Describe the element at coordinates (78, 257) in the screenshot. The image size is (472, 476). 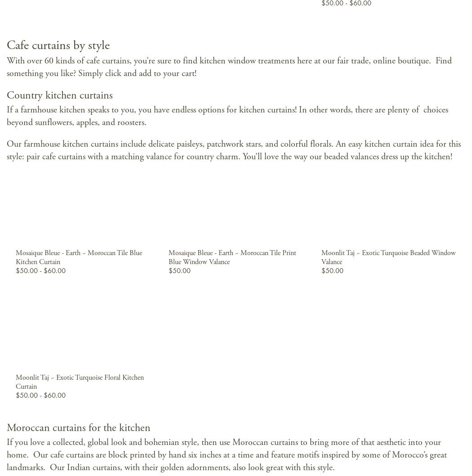
I see `'Mosaique Bleue - Earth ~ Moroccan Tile Blue Kitchen Curtain'` at that location.